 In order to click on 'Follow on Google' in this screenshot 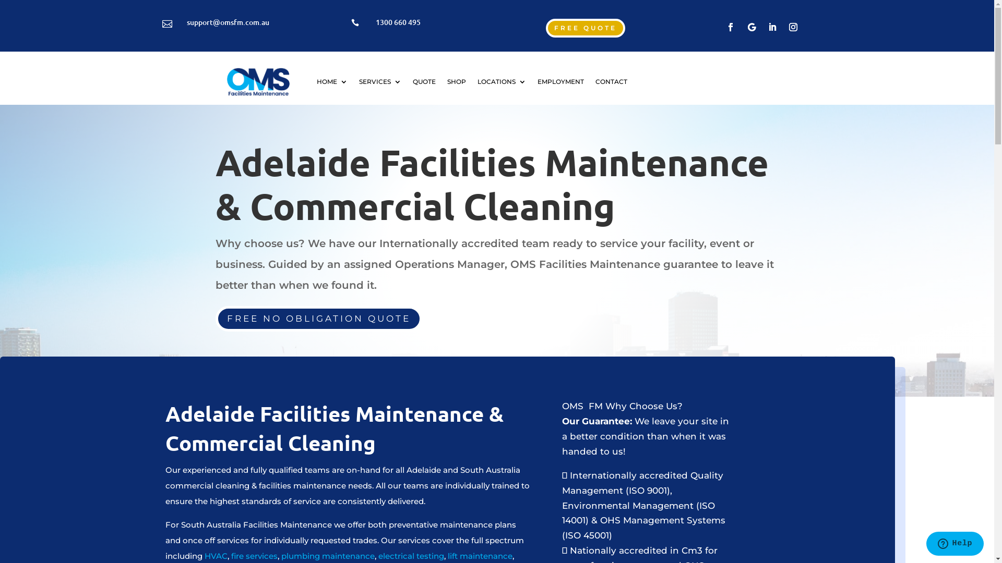, I will do `click(743, 26)`.